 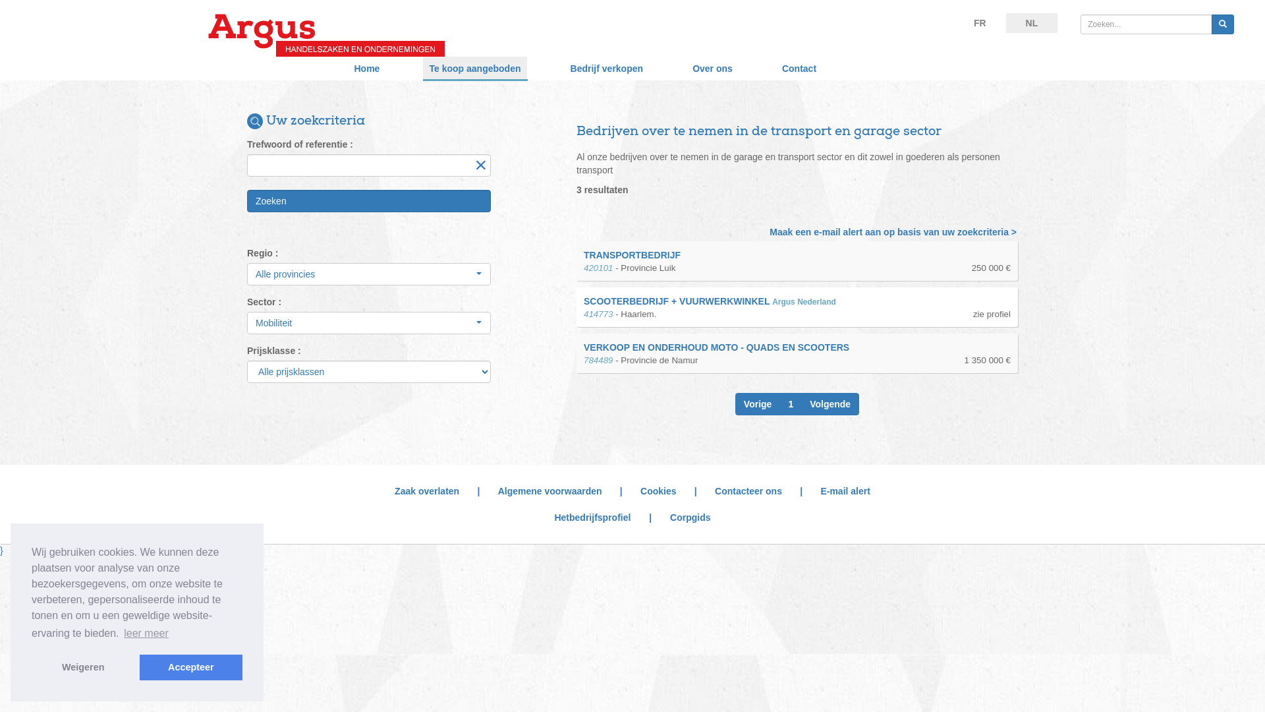 I want to click on 'Alle provincies', so click(x=246, y=274).